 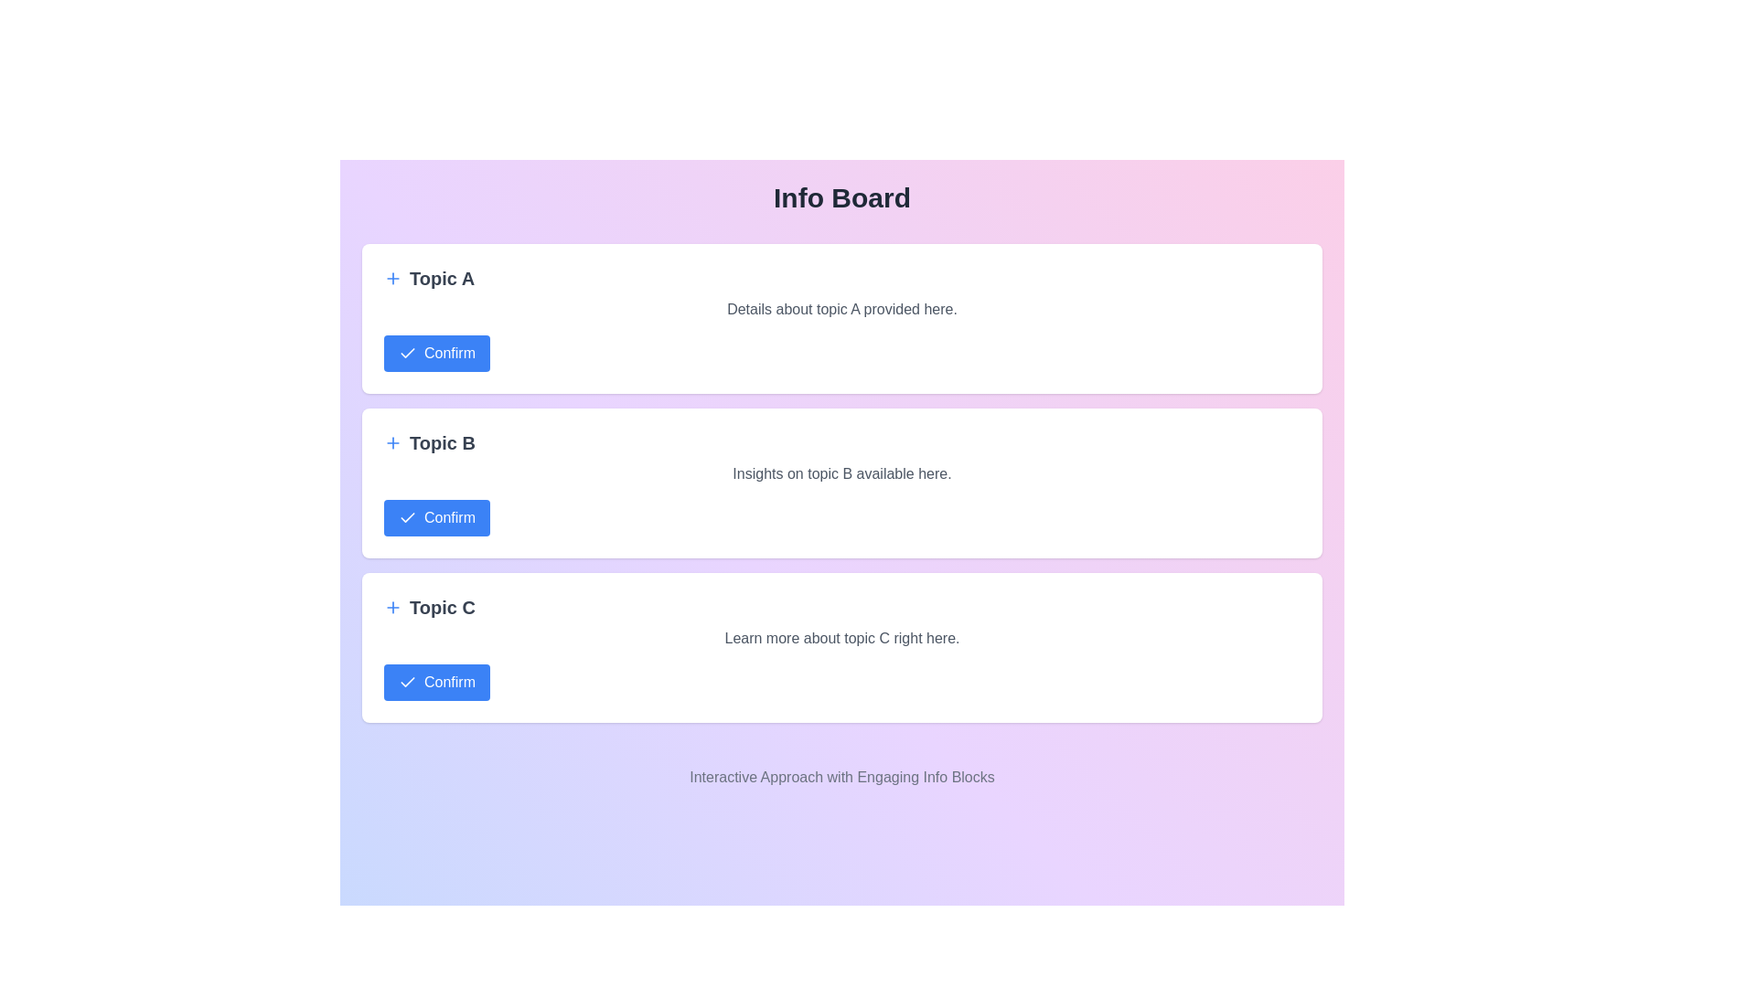 I want to click on the checkmark icon within the 'Confirm' button located below the 'Topic C' section, which indicates confirmation or successful selection, so click(x=407, y=681).